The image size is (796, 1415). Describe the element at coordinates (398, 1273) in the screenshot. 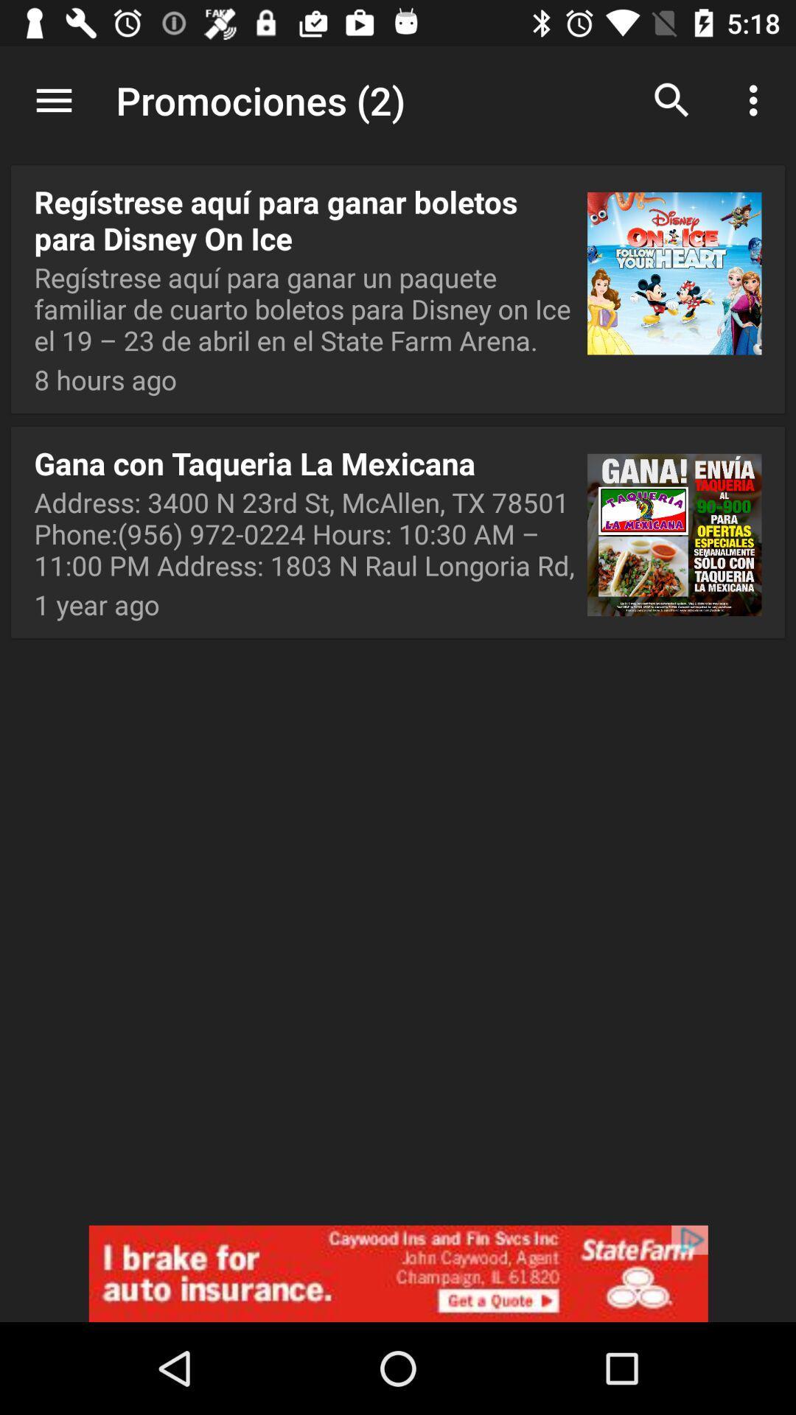

I see `state farm advertisement` at that location.